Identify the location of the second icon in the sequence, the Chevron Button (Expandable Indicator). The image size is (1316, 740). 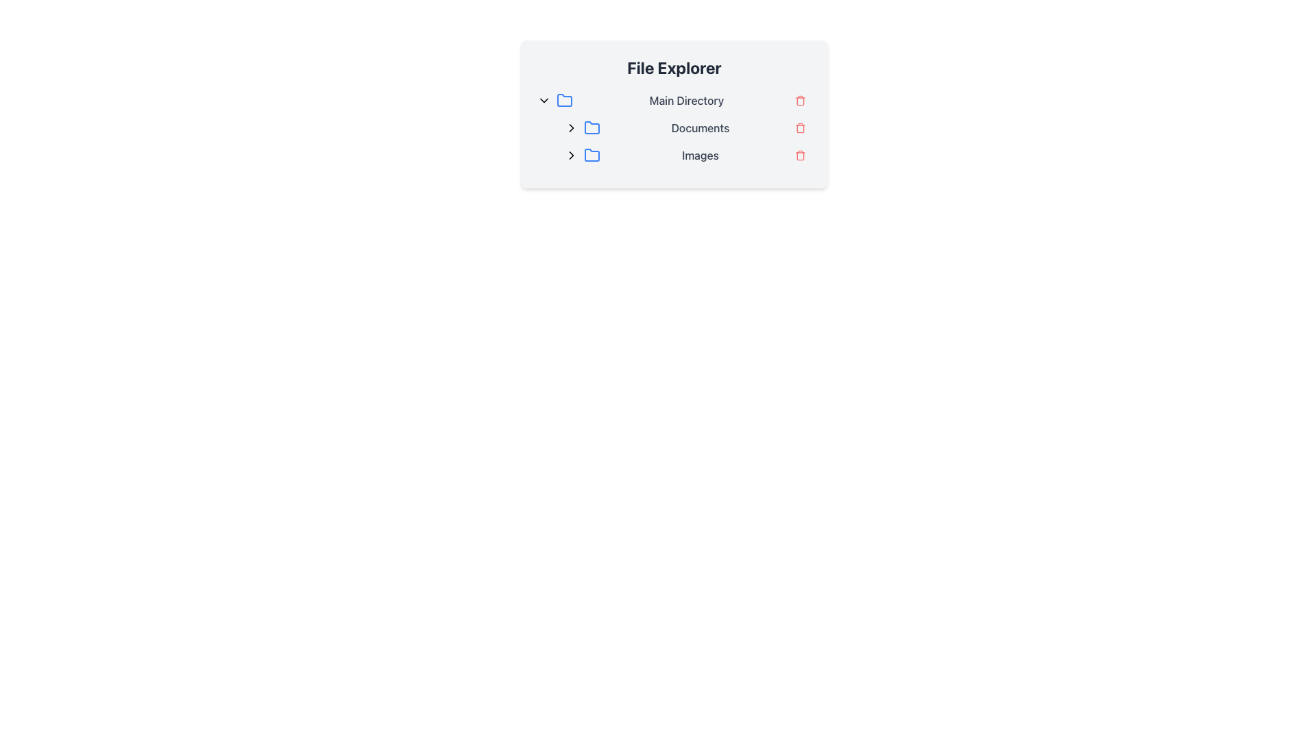
(572, 127).